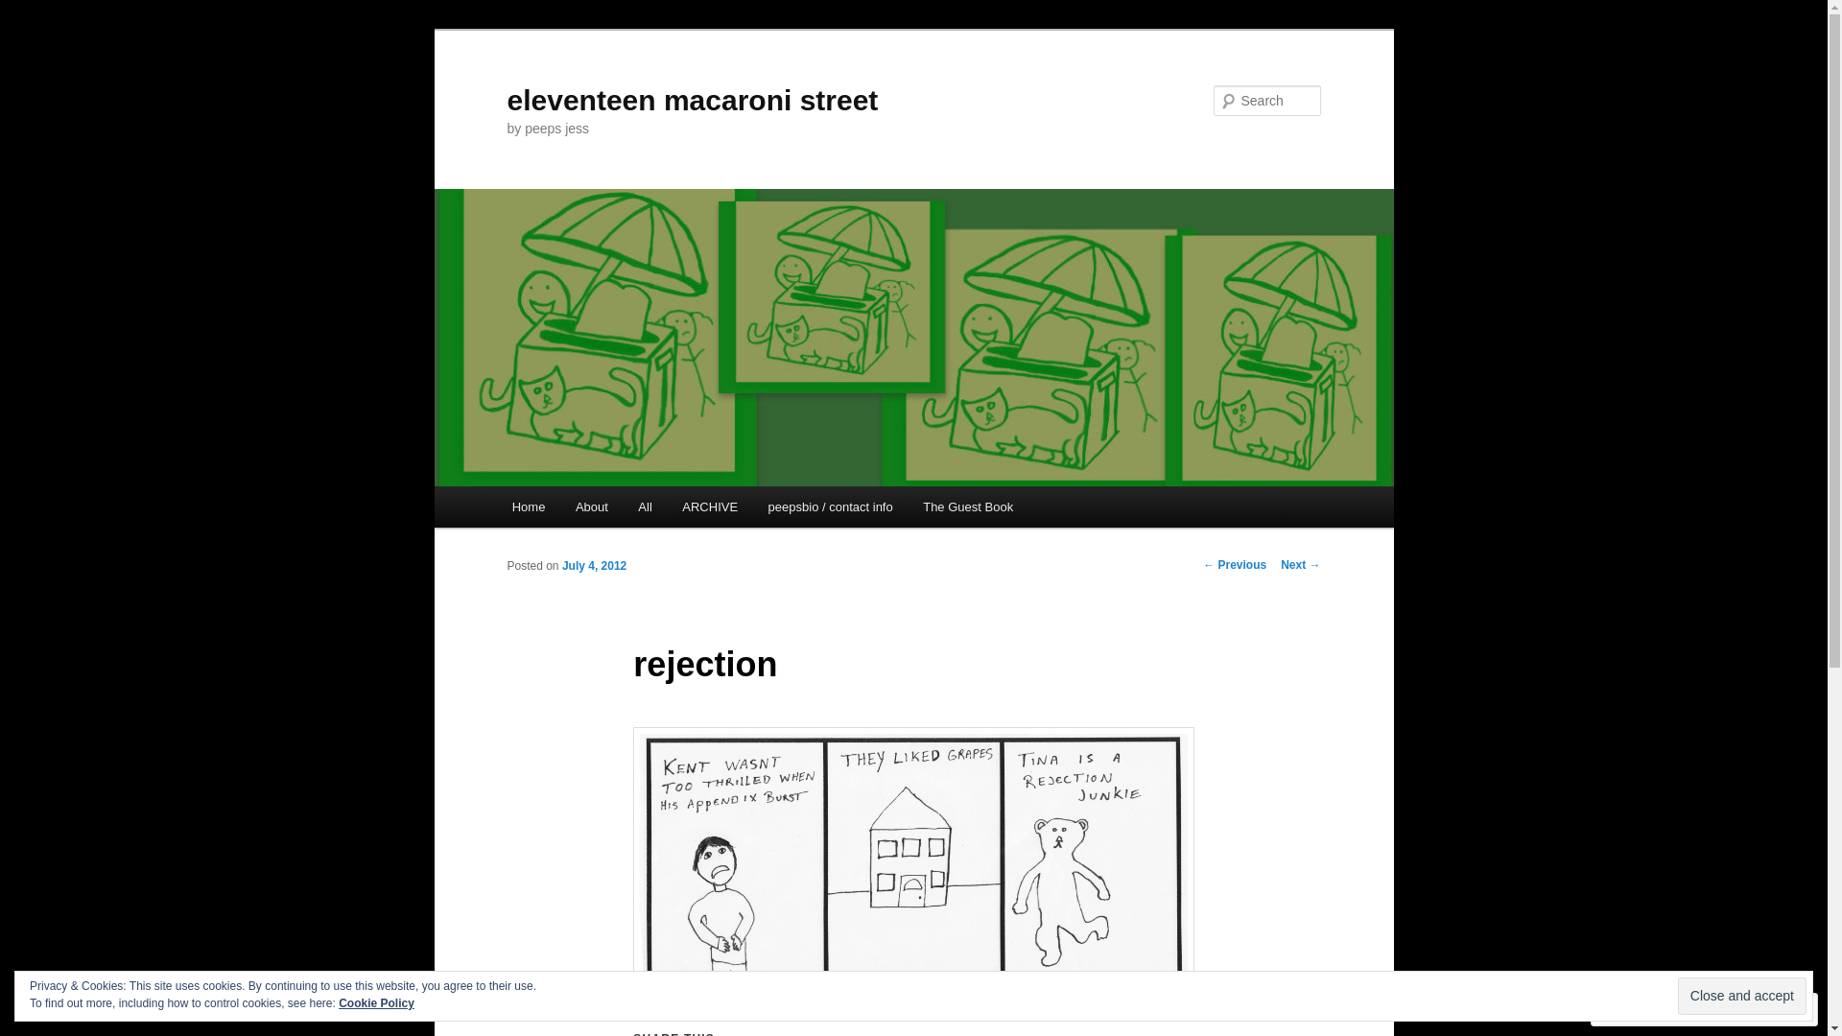  Describe the element at coordinates (911, 857) in the screenshot. I see `'kent'` at that location.